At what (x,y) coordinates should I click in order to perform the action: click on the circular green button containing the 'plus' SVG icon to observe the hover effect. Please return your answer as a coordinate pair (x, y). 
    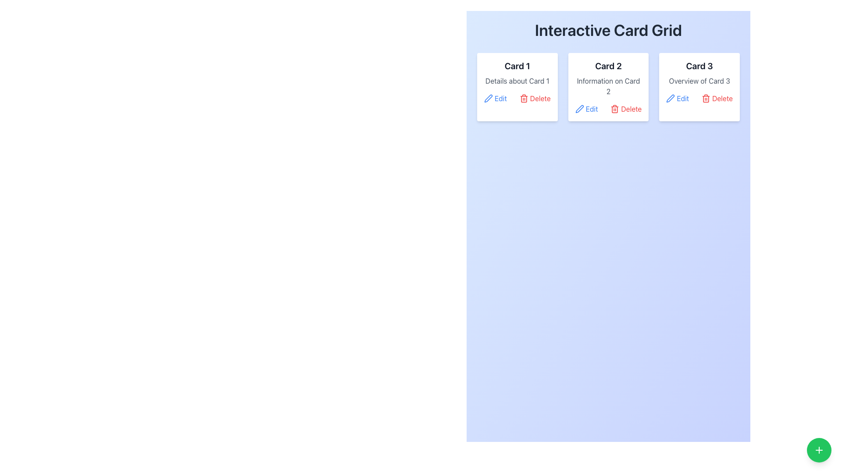
    Looking at the image, I should click on (818, 450).